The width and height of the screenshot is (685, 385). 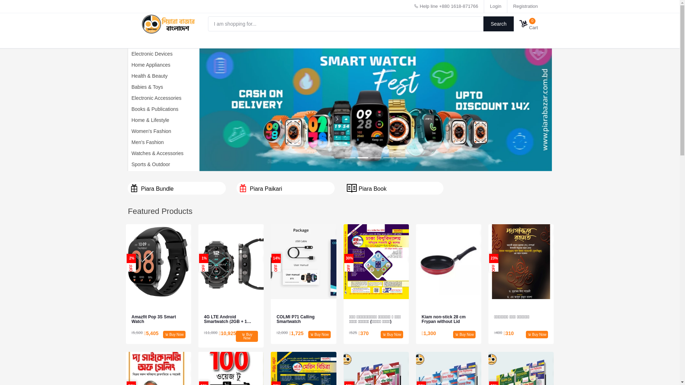 What do you see at coordinates (128, 153) in the screenshot?
I see `'Watches & Accessories'` at bounding box center [128, 153].